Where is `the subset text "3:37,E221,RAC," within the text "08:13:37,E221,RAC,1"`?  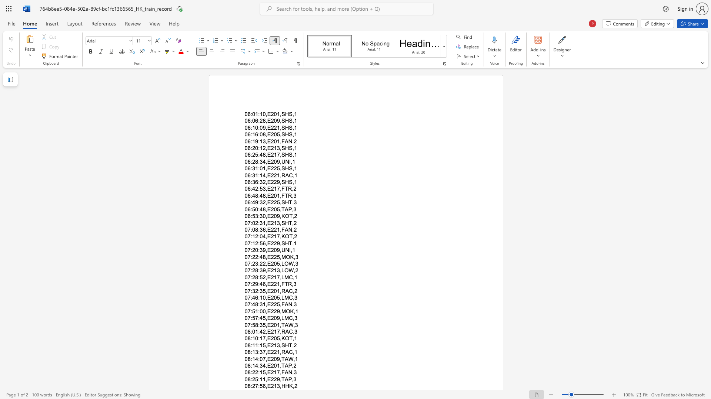 the subset text "3:37,E221,RAC," within the text "08:13:37,E221,RAC,1" is located at coordinates (255, 352).